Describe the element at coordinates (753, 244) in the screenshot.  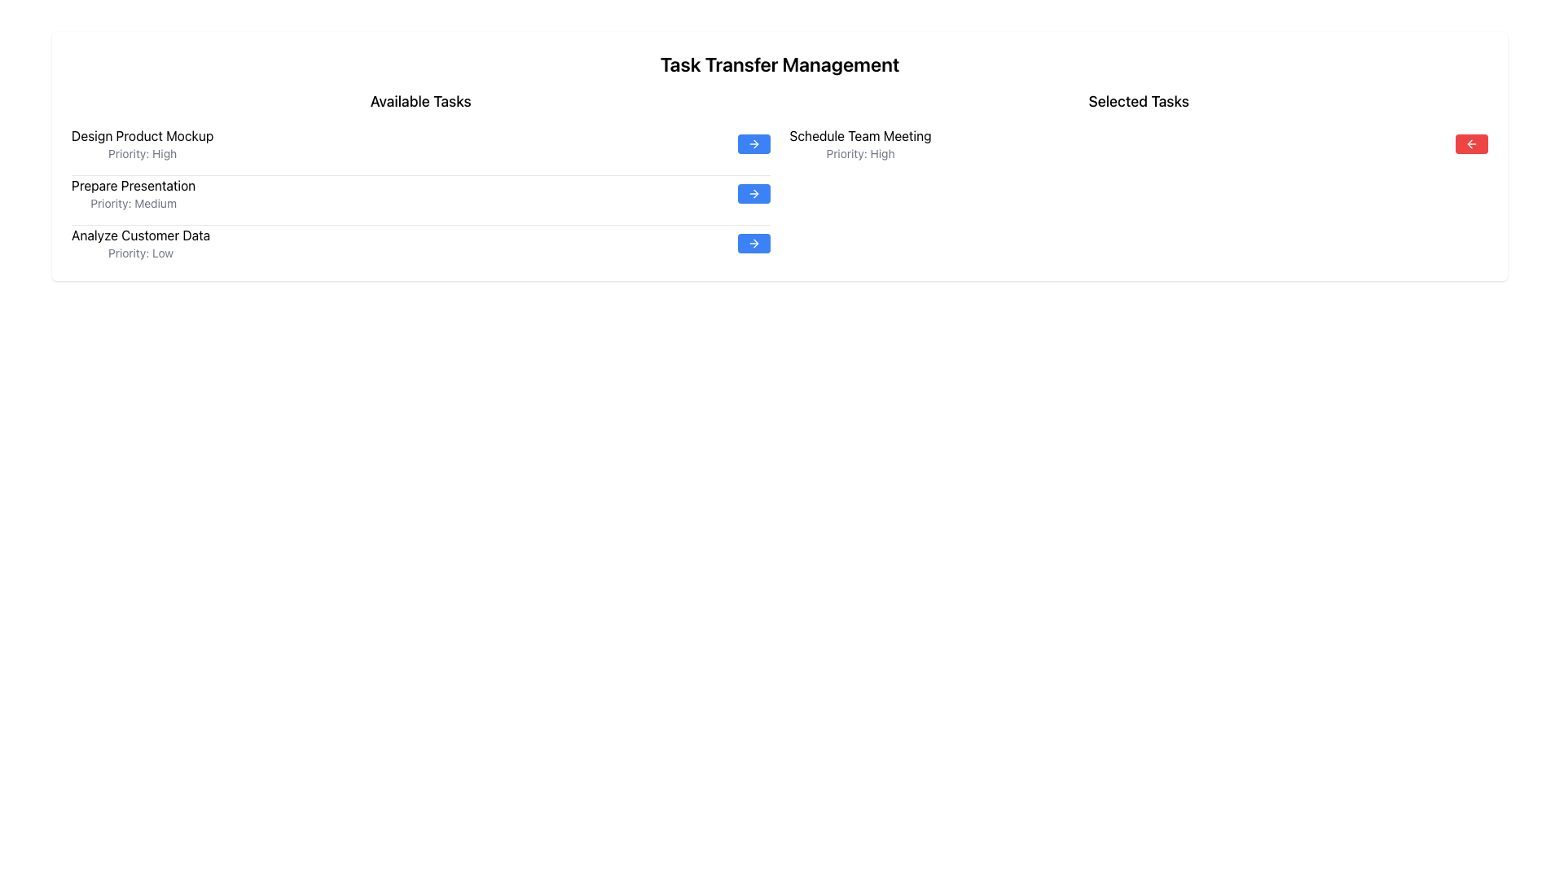
I see `the SVG Icon located at the bottom of the last button in the 'Available Tasks' column` at that location.